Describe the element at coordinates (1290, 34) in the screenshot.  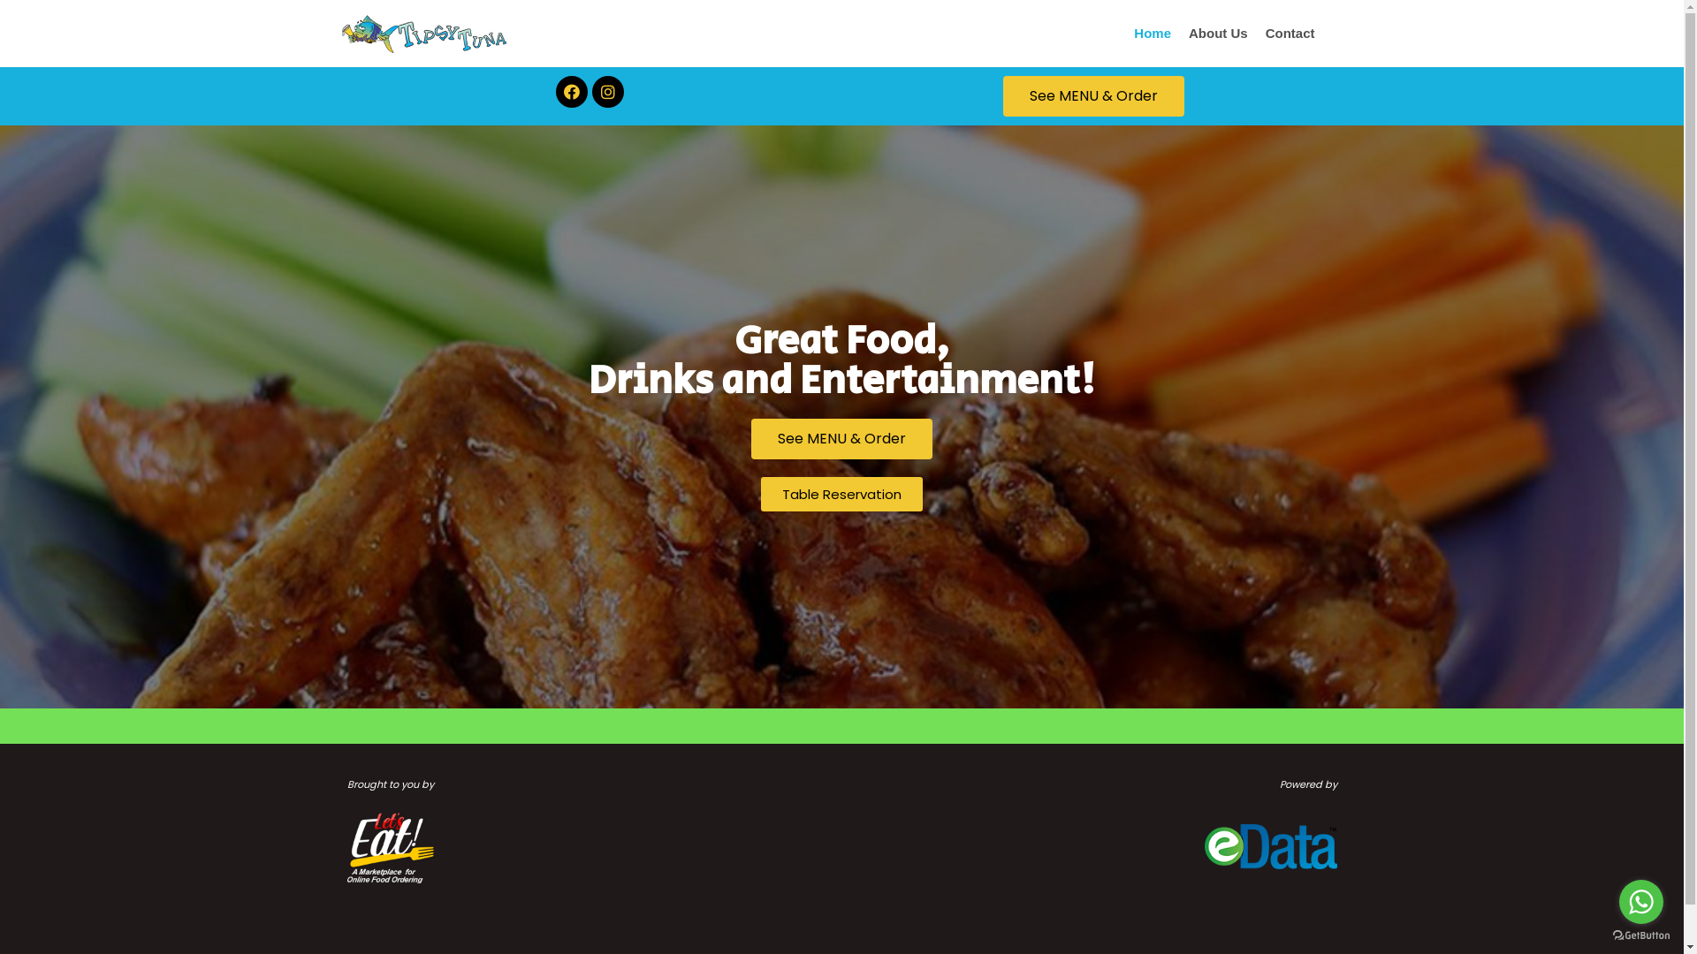
I see `'Contact'` at that location.